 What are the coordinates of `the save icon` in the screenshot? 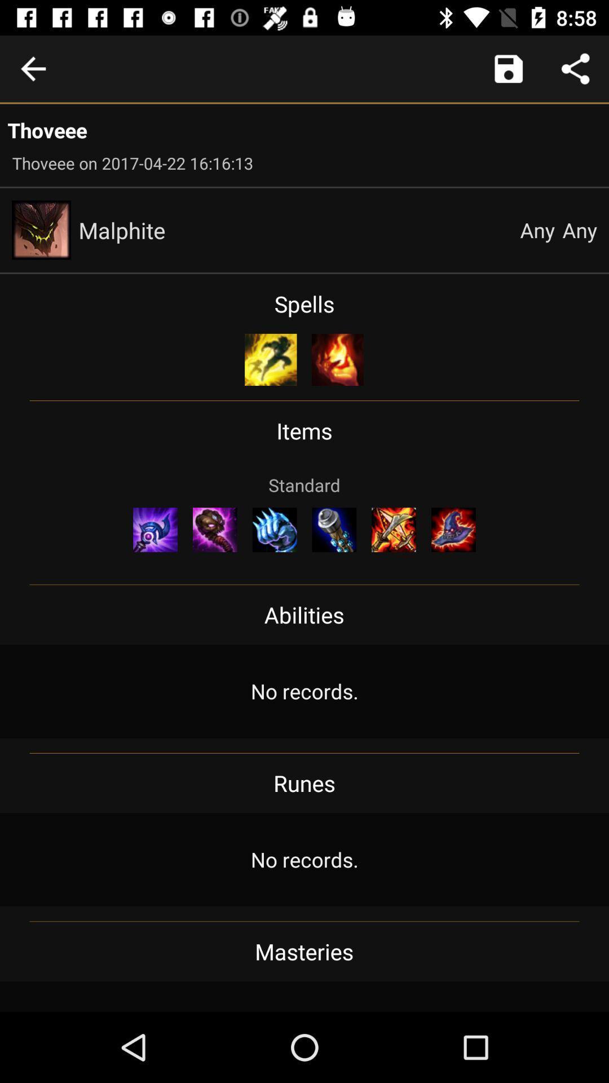 It's located at (509, 68).